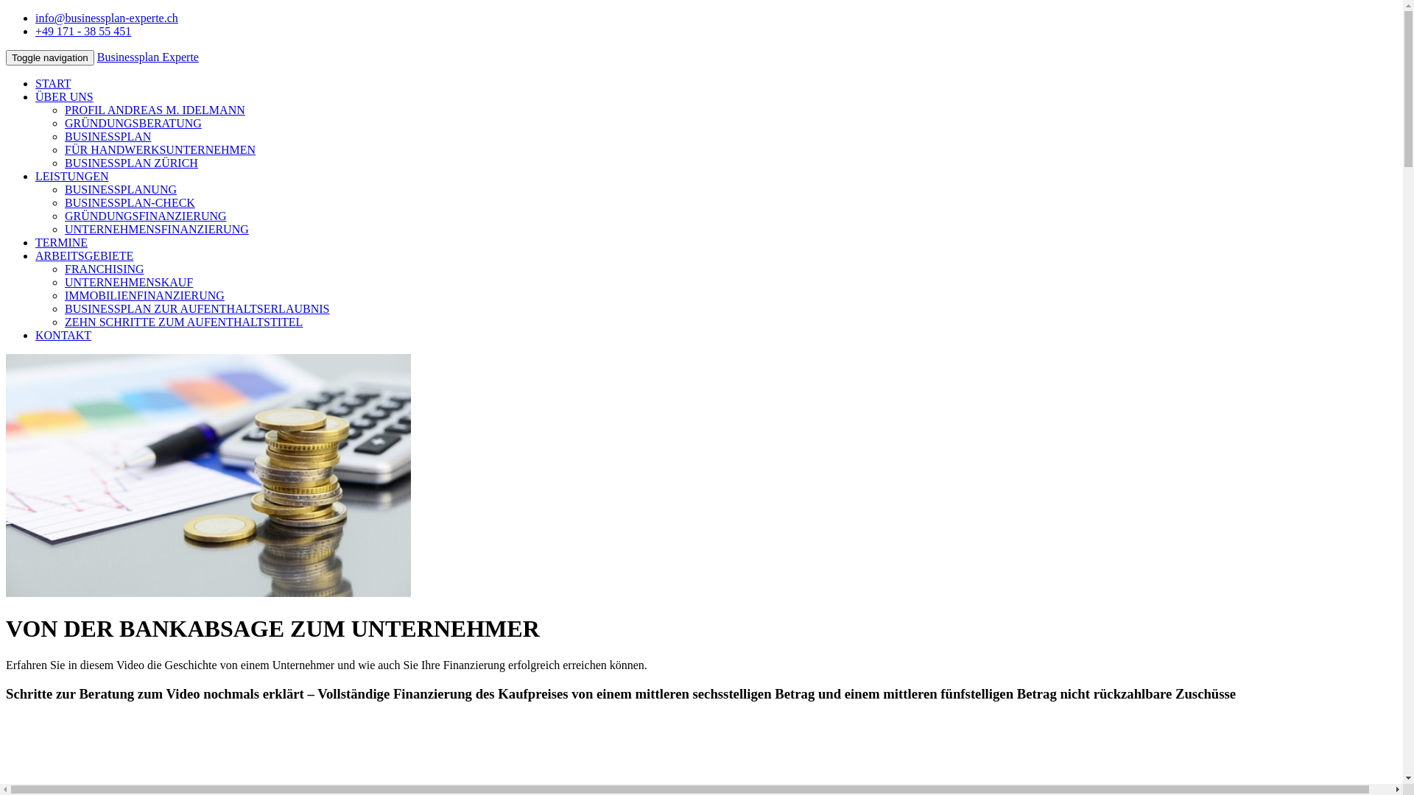  I want to click on 'UNTERNEHMENSKAUF', so click(63, 282).